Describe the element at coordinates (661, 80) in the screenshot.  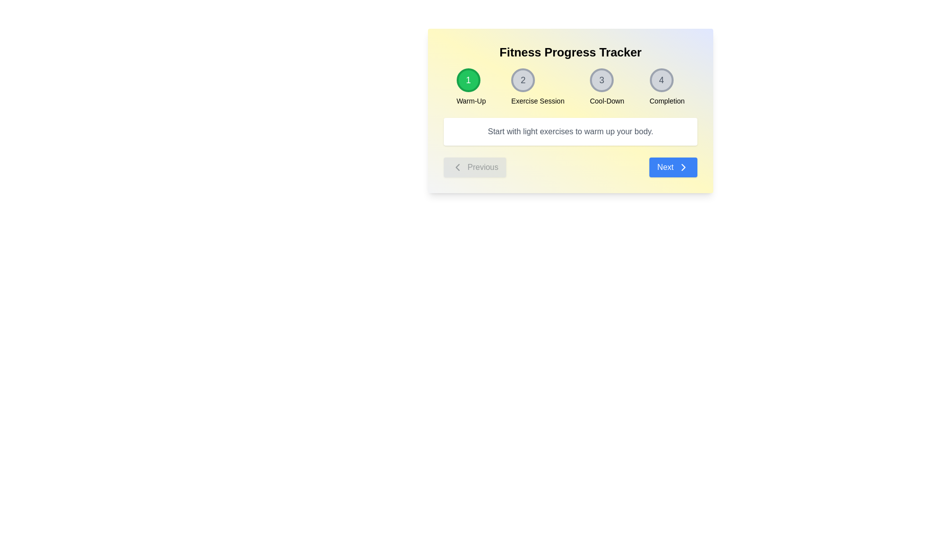
I see `the 'Completion' button, which is the fourth circular progress indicator in the header section` at that location.